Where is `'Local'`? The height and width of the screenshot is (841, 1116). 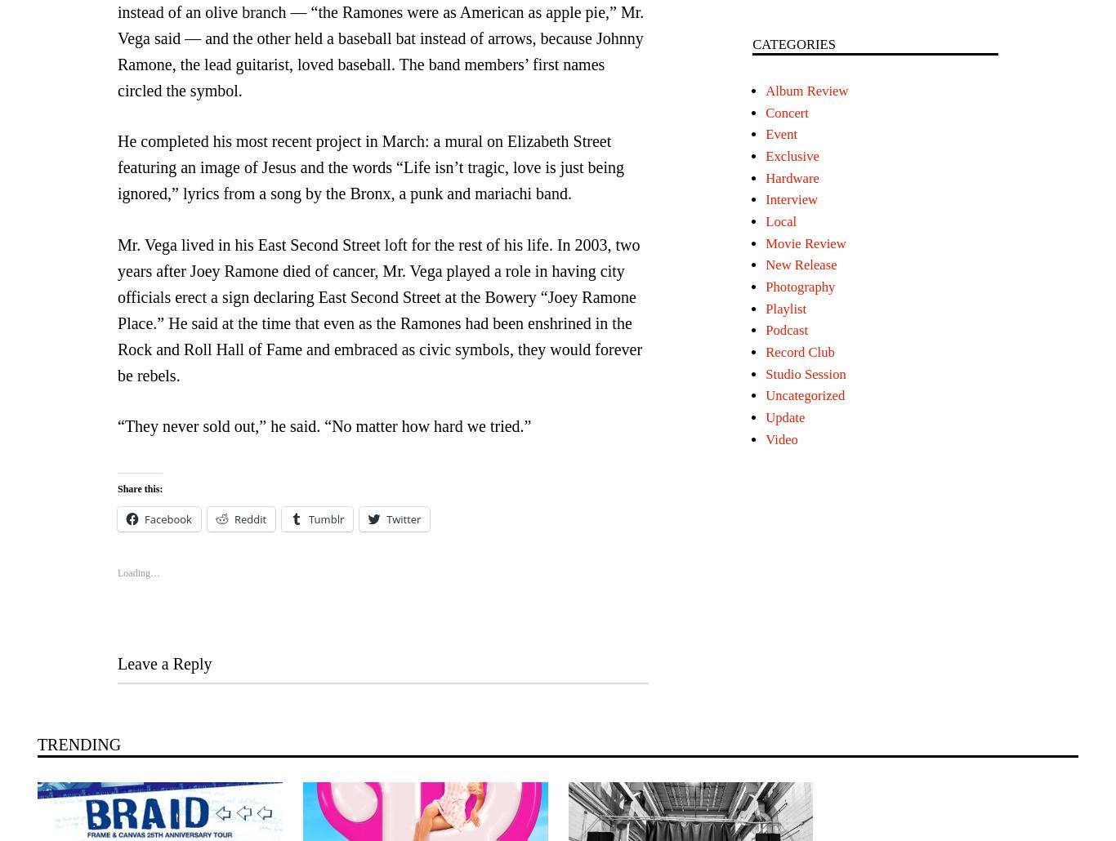 'Local' is located at coordinates (781, 220).